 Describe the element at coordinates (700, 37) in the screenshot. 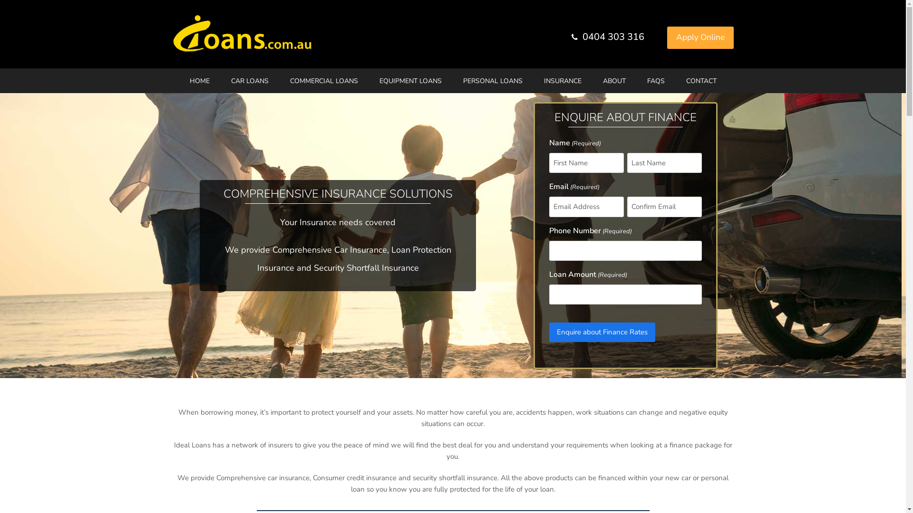

I see `'Apply Online'` at that location.